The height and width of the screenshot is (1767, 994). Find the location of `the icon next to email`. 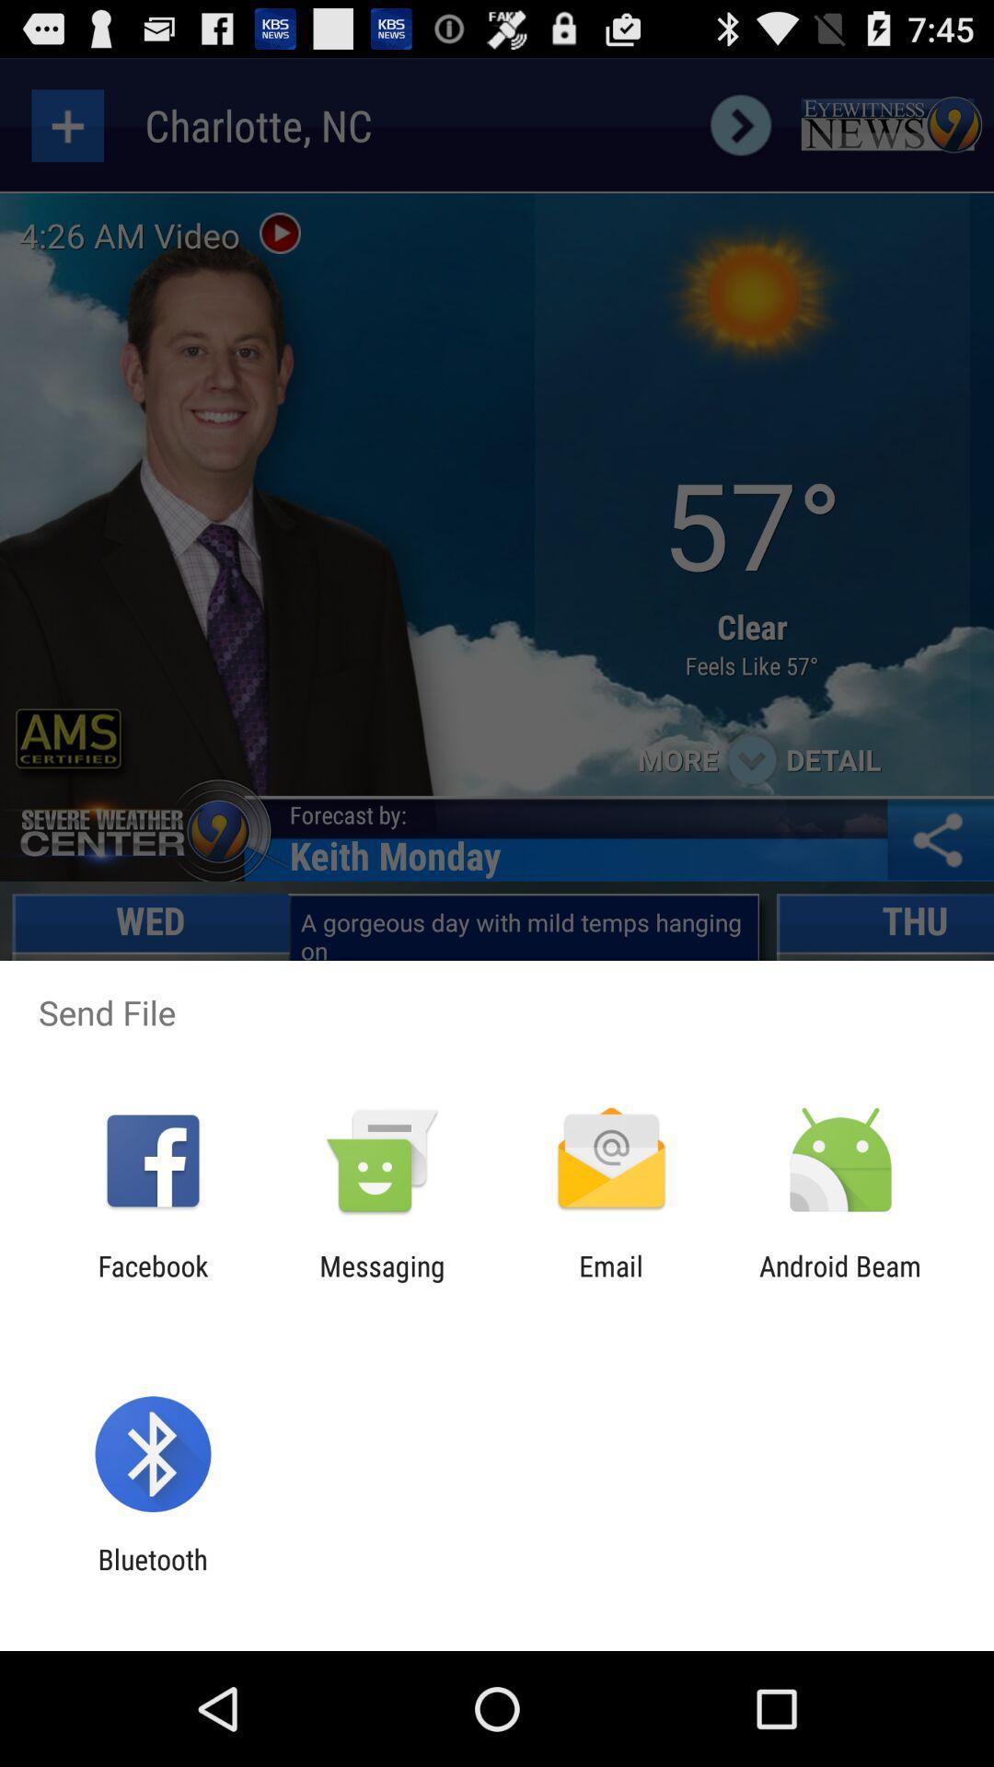

the icon next to email is located at coordinates (381, 1281).